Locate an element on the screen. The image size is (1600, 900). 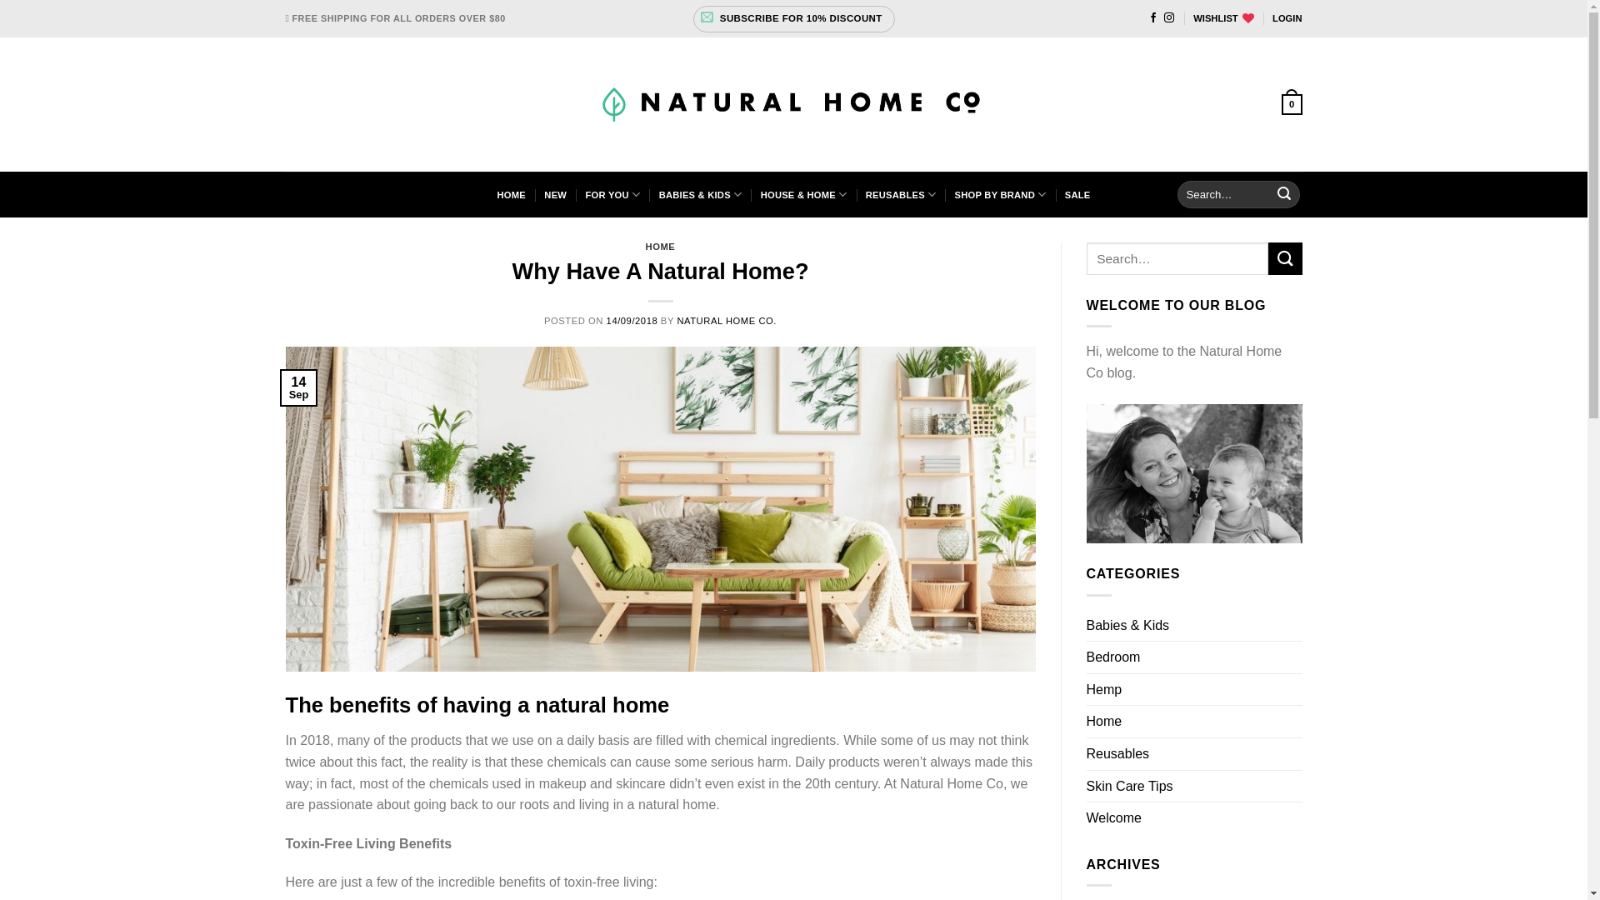
'Welcome' is located at coordinates (1087, 817).